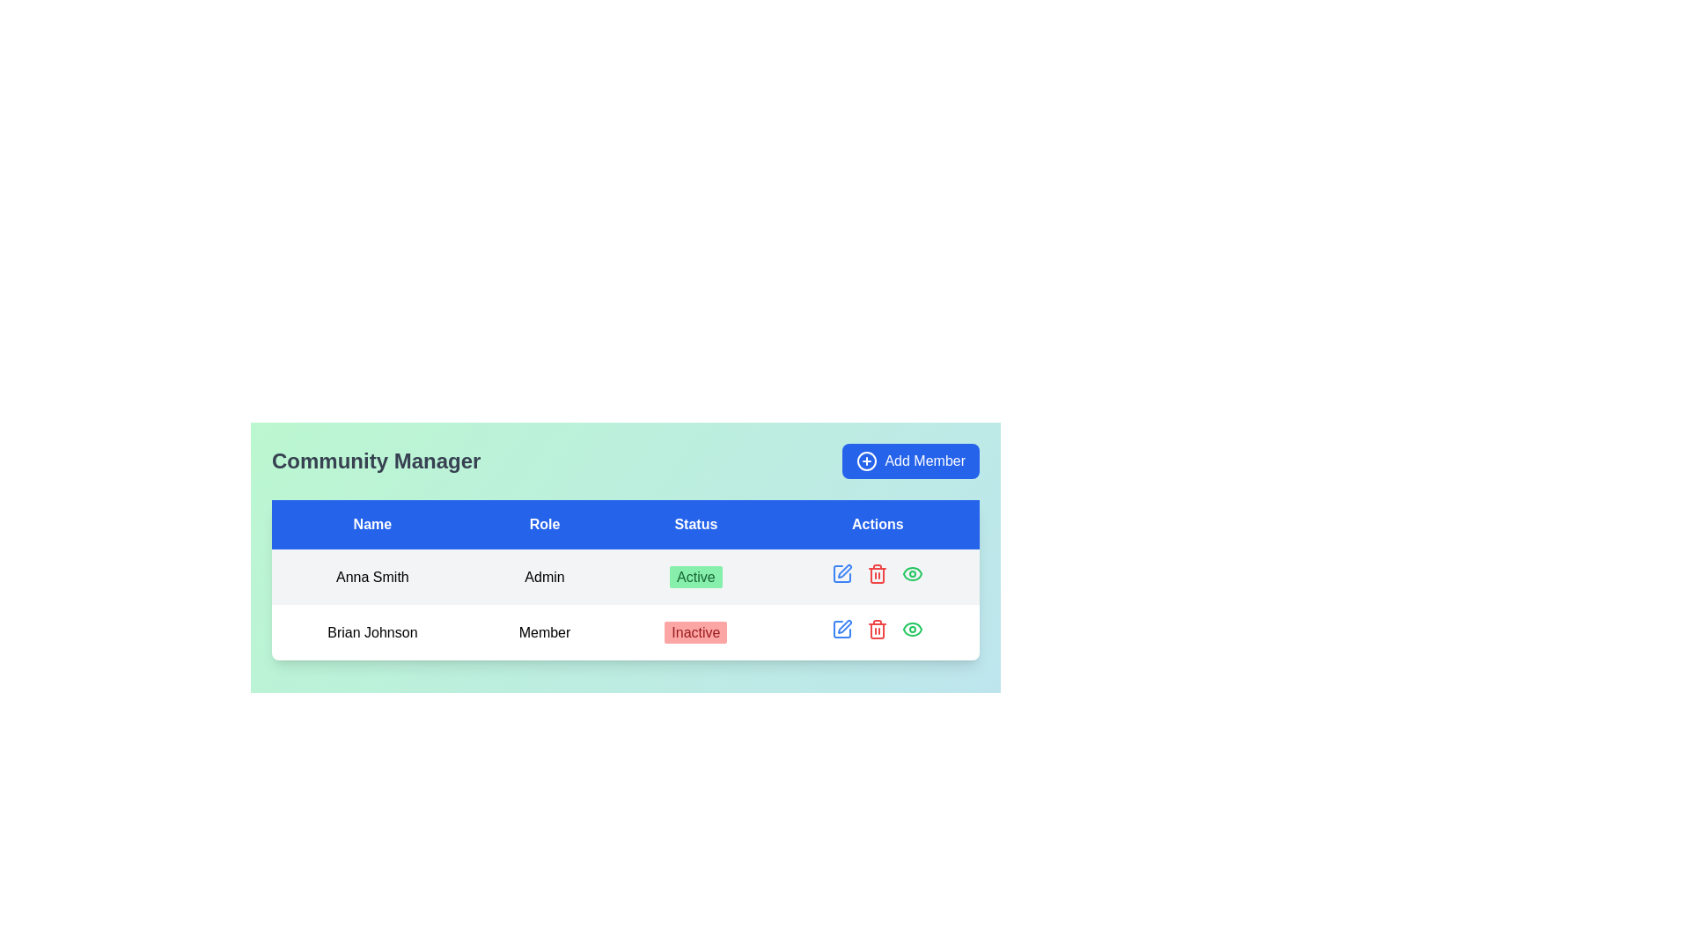 This screenshot has height=951, width=1690. Describe the element at coordinates (878, 577) in the screenshot. I see `the icon button group located in the last column of the first row labeled 'Anna Smith'` at that location.